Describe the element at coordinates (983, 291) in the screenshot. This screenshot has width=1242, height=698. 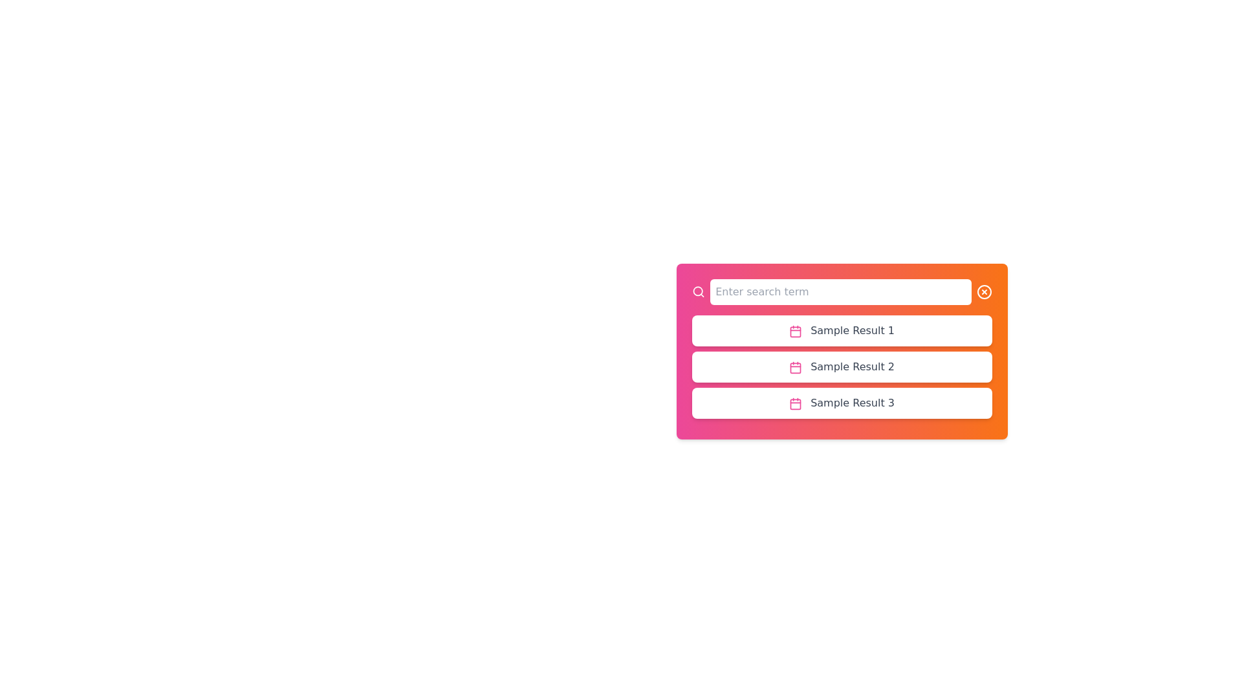
I see `the clear button located at the far-right end of the search bar to reset the entered search terms` at that location.